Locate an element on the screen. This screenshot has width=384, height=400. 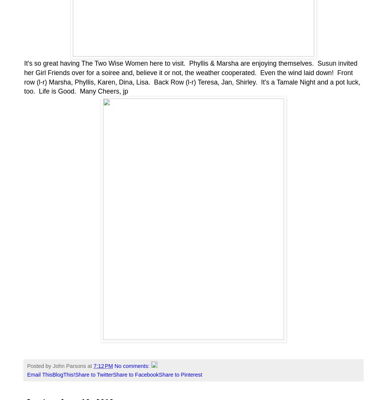
'Share to Facebook' is located at coordinates (135, 374).